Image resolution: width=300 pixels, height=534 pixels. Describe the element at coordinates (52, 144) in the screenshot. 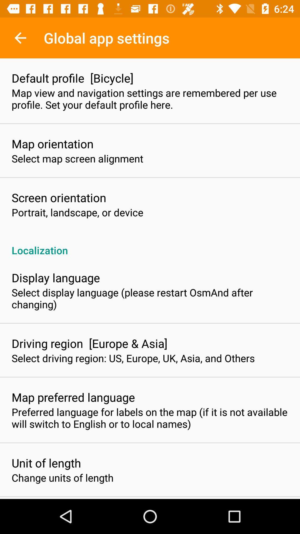

I see `map orientation` at that location.